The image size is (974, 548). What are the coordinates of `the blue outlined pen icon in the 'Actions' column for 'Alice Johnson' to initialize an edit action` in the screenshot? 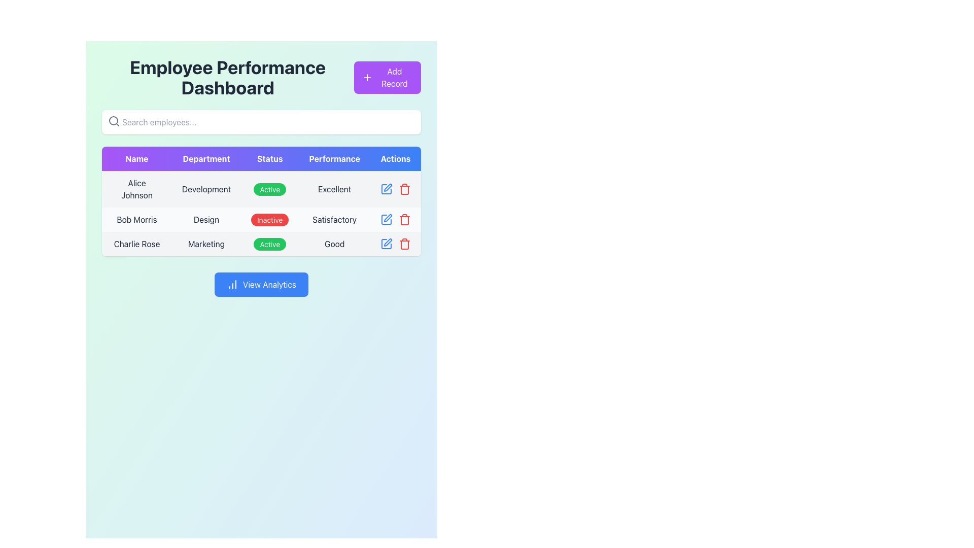 It's located at (386, 189).